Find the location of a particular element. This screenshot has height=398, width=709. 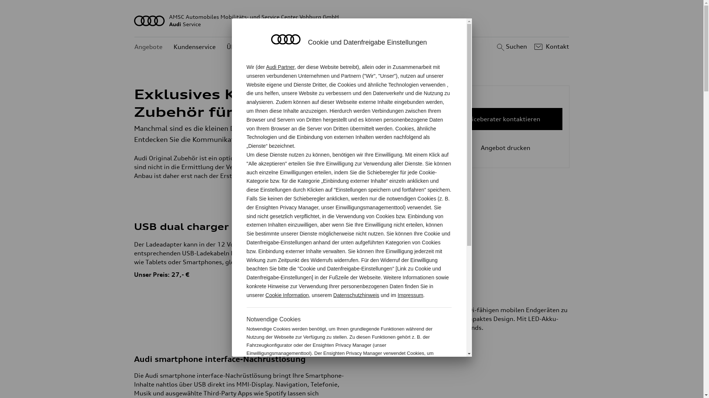

'Cookie Information' is located at coordinates (412, 377).